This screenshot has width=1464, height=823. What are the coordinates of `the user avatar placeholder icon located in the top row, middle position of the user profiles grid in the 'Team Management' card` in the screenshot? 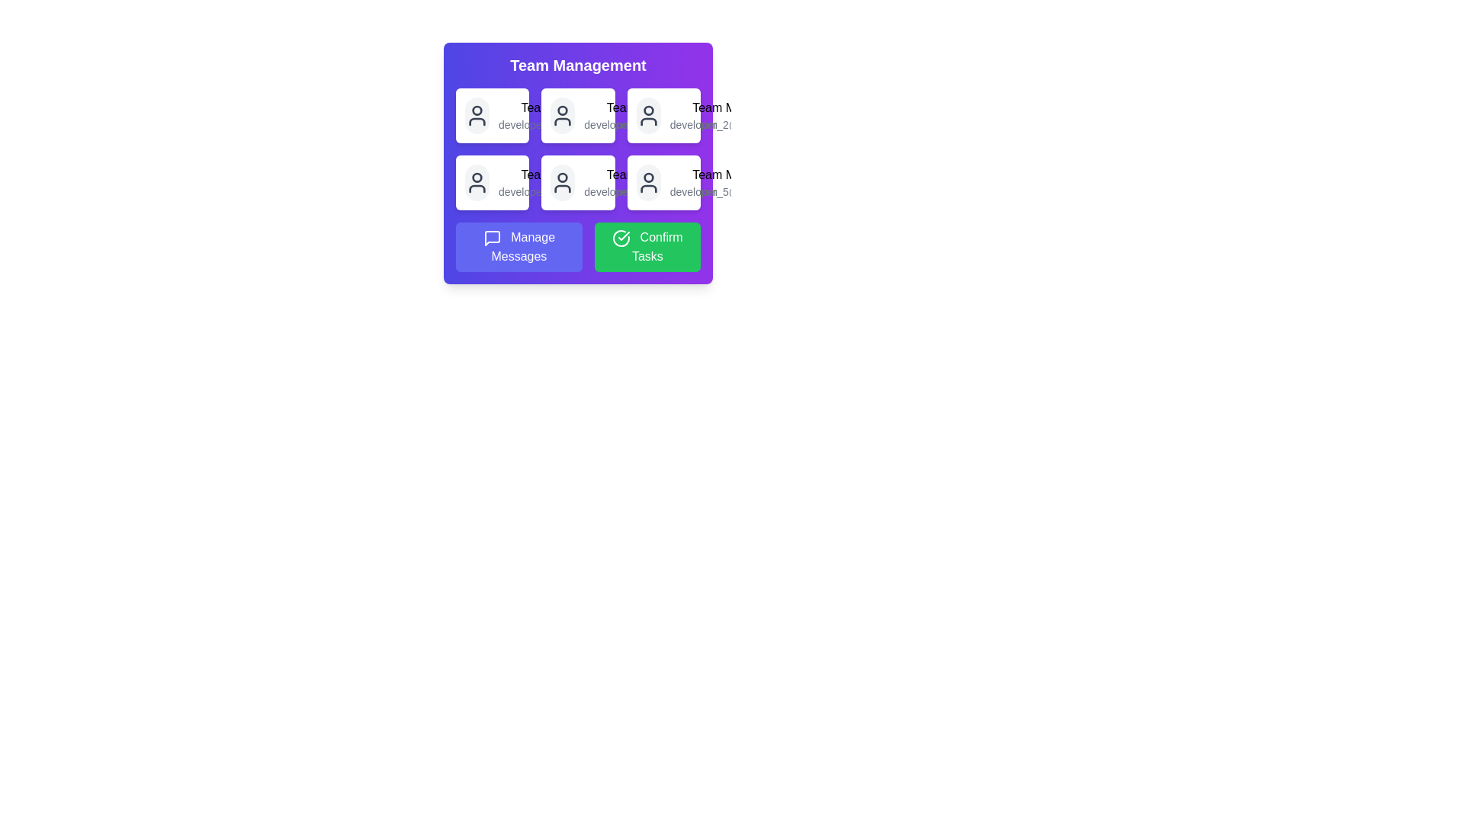 It's located at (562, 114).